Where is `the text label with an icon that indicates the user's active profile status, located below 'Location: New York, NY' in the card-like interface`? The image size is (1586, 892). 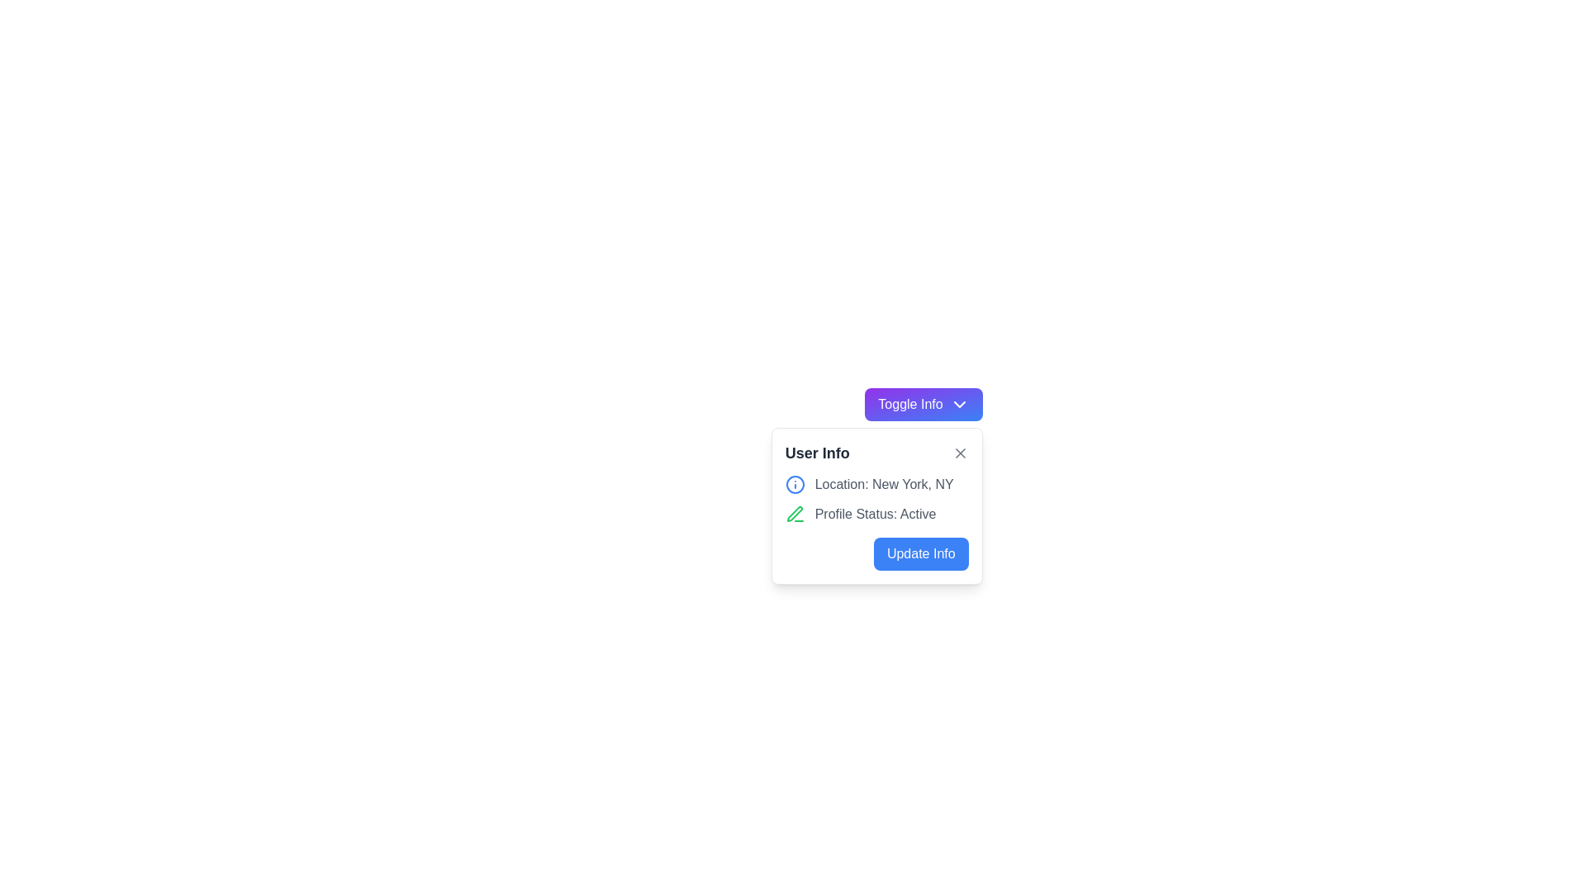 the text label with an icon that indicates the user's active profile status, located below 'Location: New York, NY' in the card-like interface is located at coordinates (876, 514).